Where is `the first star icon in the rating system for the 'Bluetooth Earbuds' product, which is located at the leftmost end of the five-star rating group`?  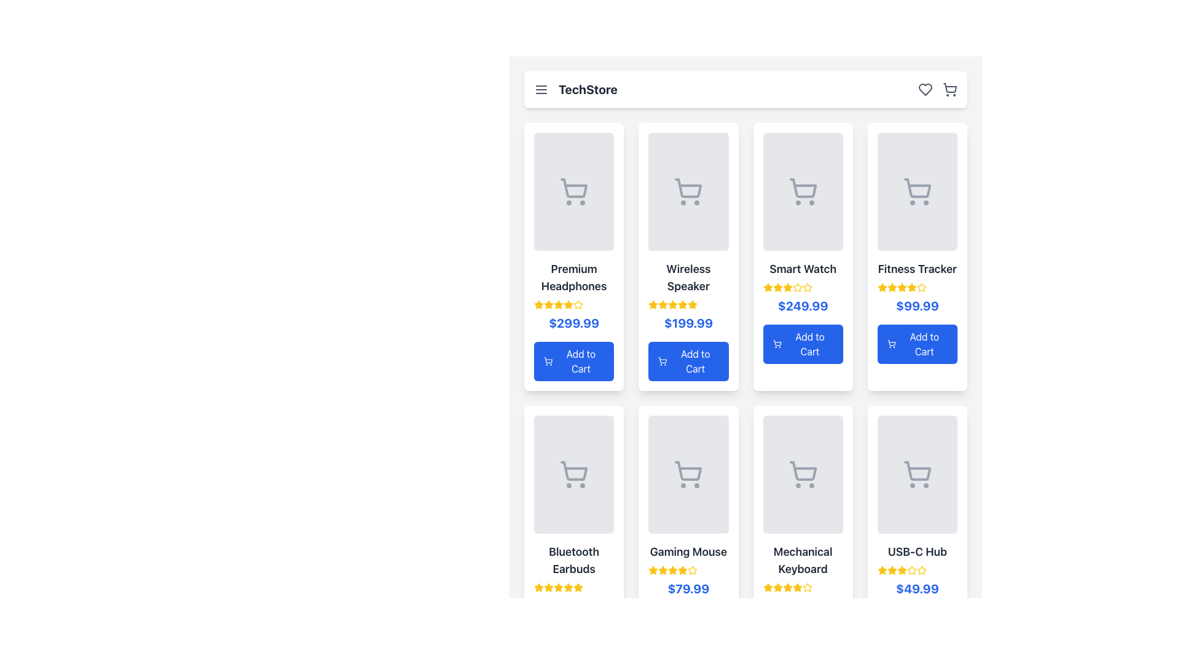 the first star icon in the rating system for the 'Bluetooth Earbuds' product, which is located at the leftmost end of the five-star rating group is located at coordinates (539, 587).